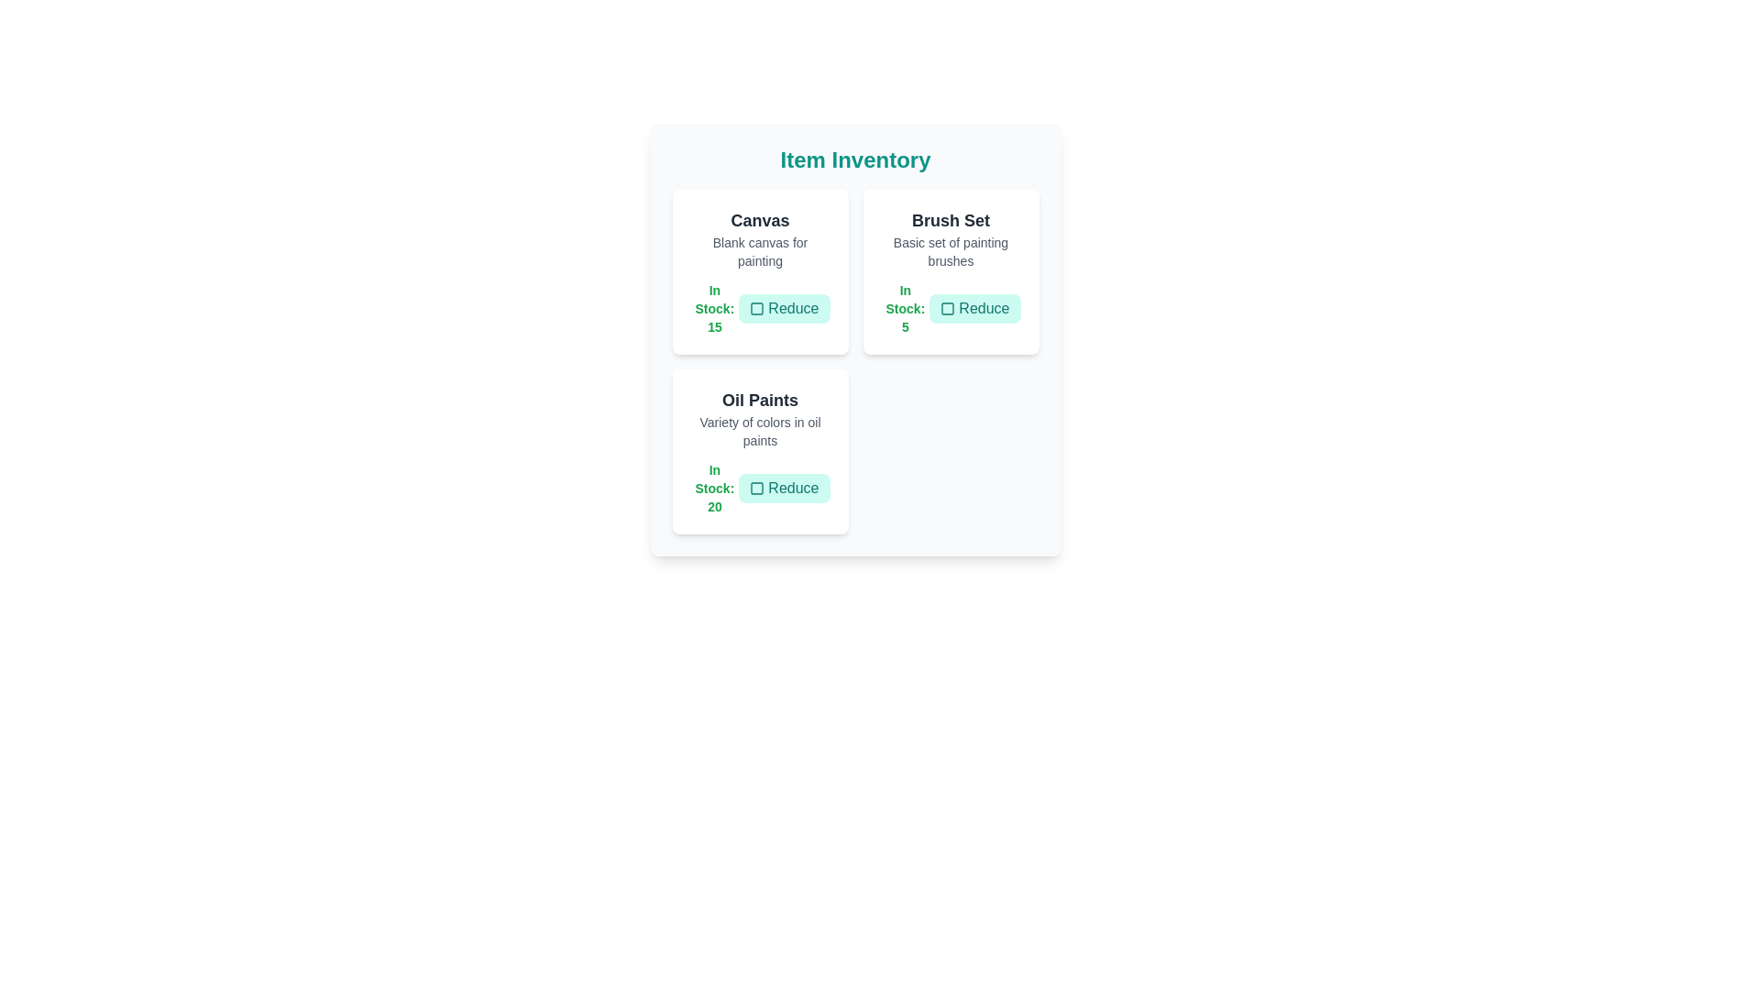 The width and height of the screenshot is (1760, 990). I want to click on 'Reduce' button for the item Canvas, so click(784, 307).